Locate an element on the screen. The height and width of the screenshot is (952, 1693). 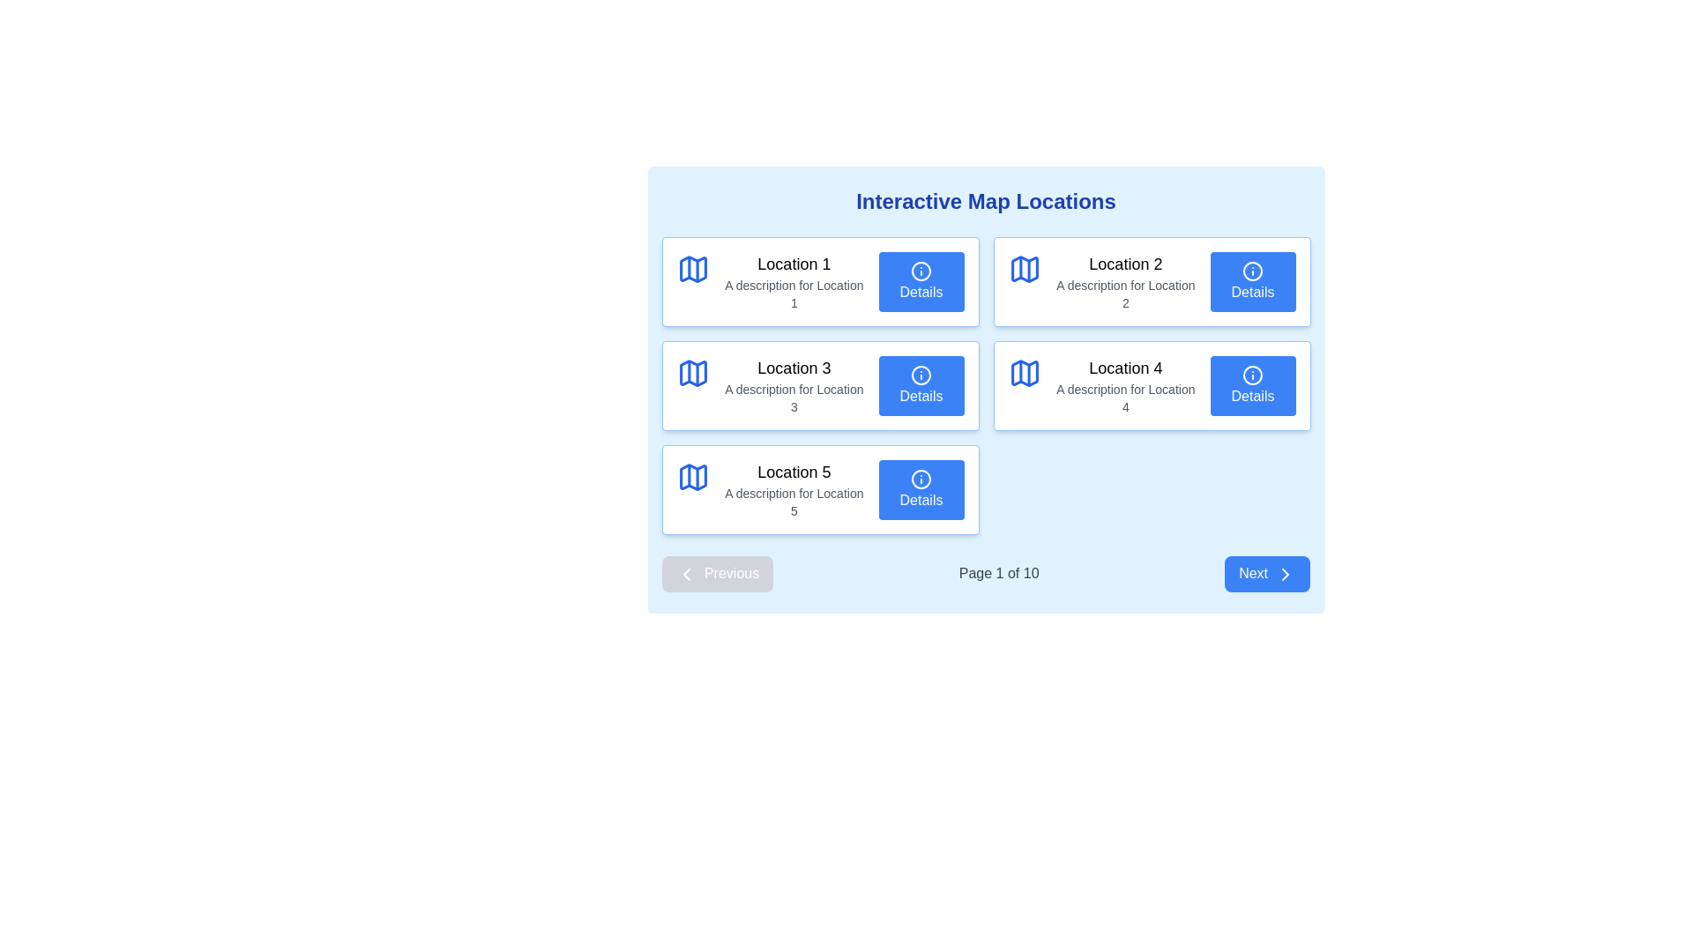
text block displaying 'Location 2' and its description, which is positioned in the second row, first column of the grid layout below 'Location 1', aligned to the left of the 'Details' button is located at coordinates (1124, 281).